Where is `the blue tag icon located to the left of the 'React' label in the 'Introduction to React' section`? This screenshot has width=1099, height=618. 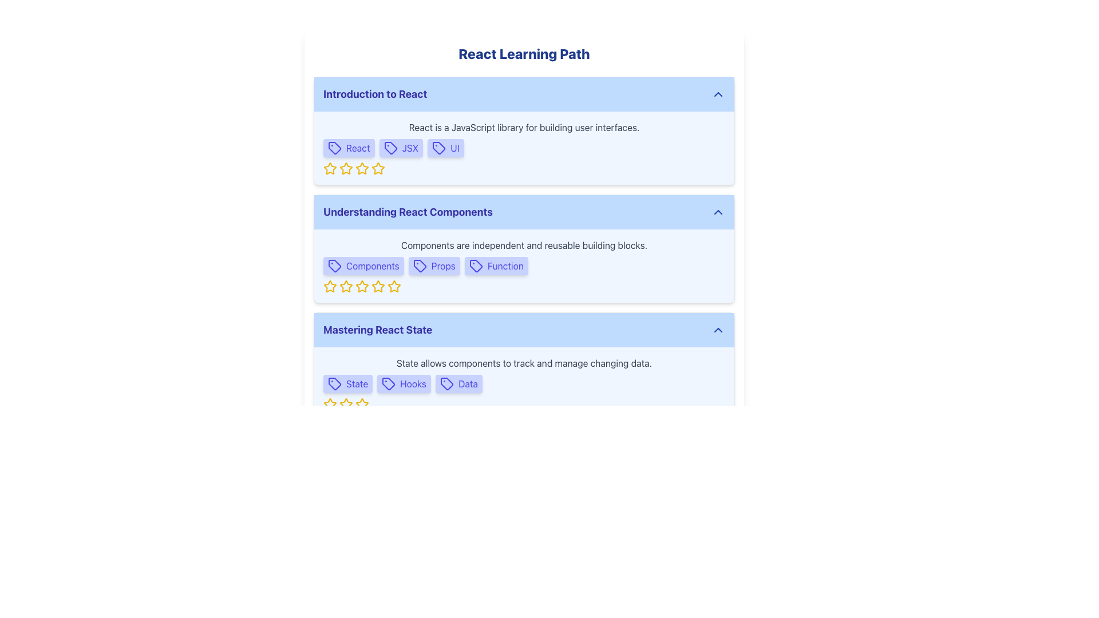 the blue tag icon located to the left of the 'React' label in the 'Introduction to React' section is located at coordinates (334, 147).